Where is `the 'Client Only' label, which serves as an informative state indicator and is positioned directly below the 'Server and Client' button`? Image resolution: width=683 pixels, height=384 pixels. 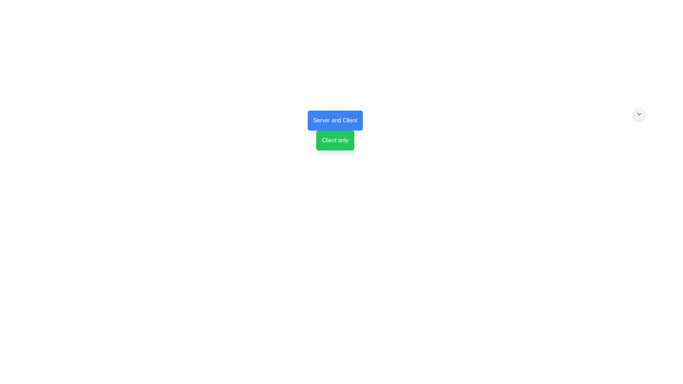 the 'Client Only' label, which serves as an informative state indicator and is positioned directly below the 'Server and Client' button is located at coordinates (335, 140).